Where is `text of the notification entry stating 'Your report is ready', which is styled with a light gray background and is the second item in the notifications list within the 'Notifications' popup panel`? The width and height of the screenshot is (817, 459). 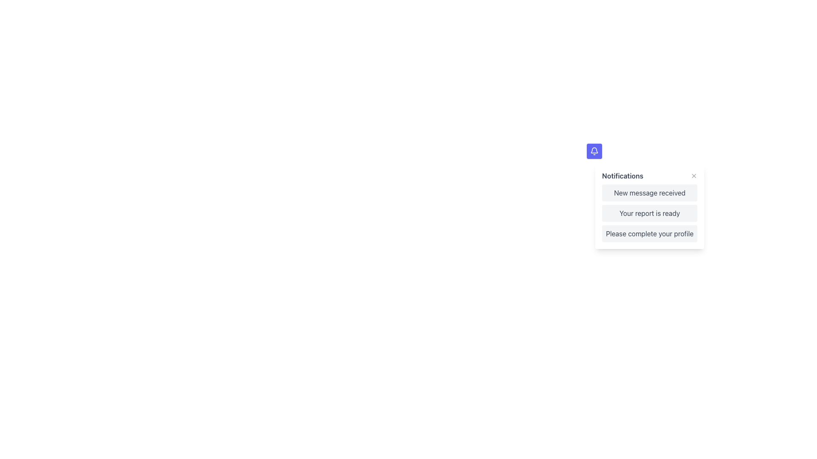 text of the notification entry stating 'Your report is ready', which is styled with a light gray background and is the second item in the notifications list within the 'Notifications' popup panel is located at coordinates (649, 212).